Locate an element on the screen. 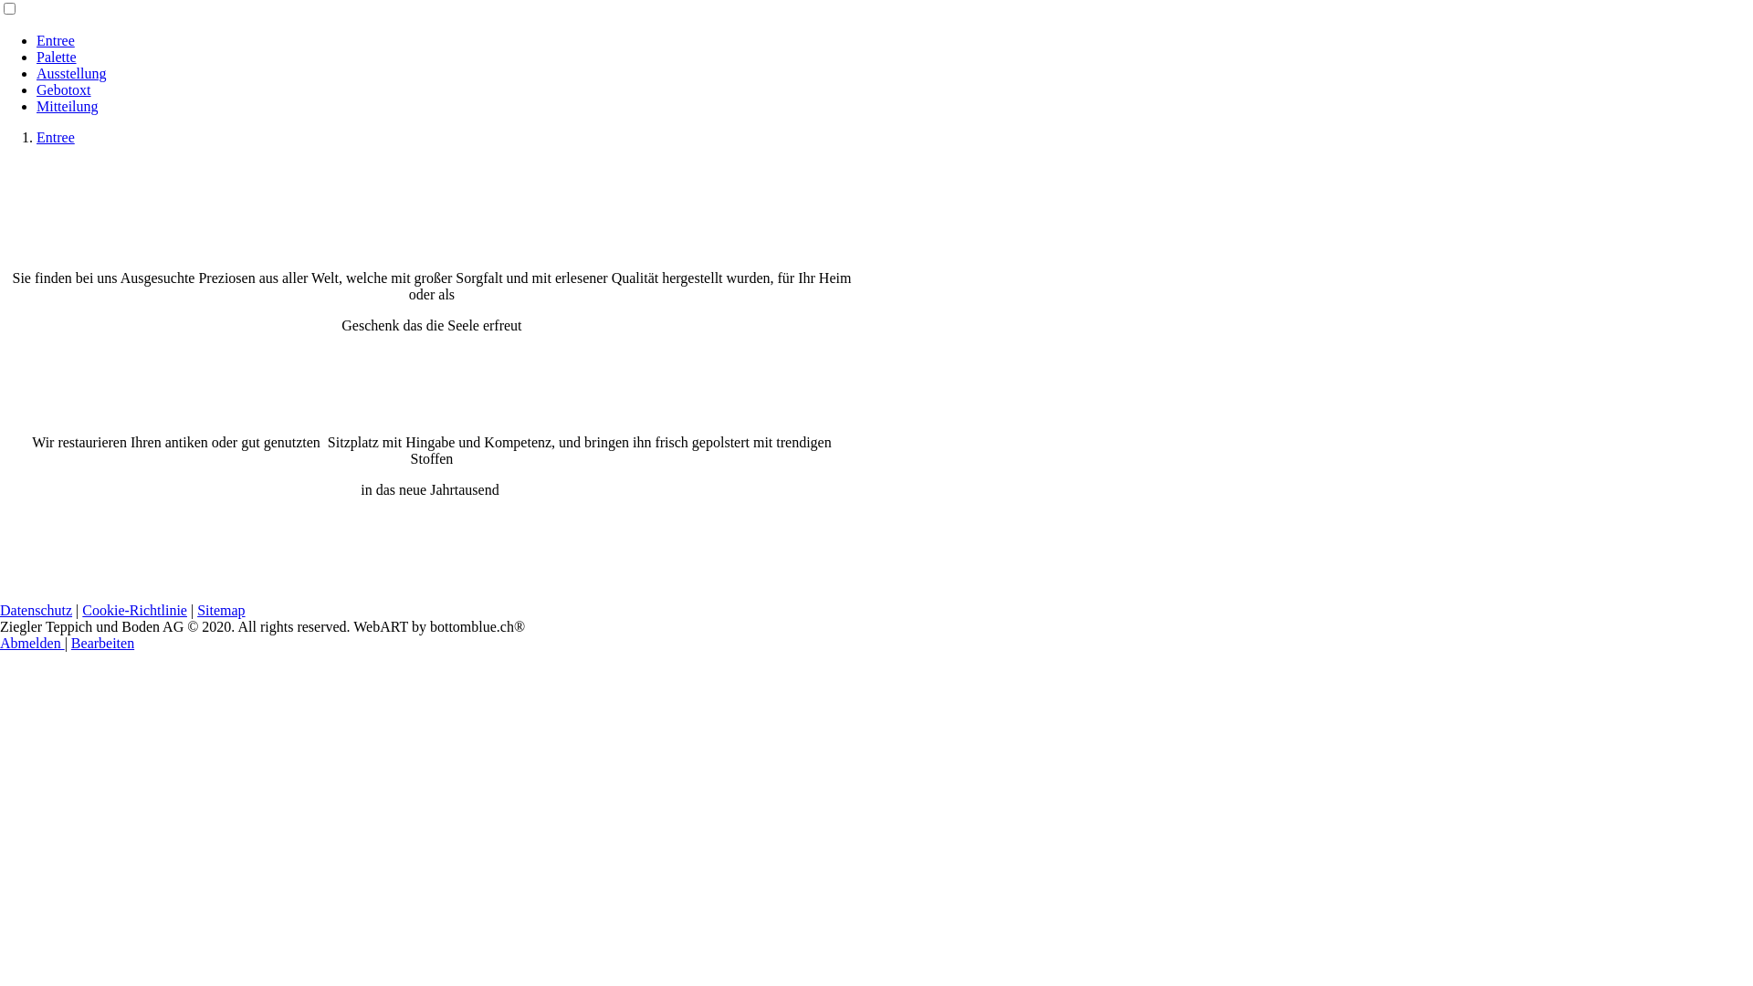 Image resolution: width=1753 pixels, height=986 pixels. 'Ausstellung' is located at coordinates (70, 72).